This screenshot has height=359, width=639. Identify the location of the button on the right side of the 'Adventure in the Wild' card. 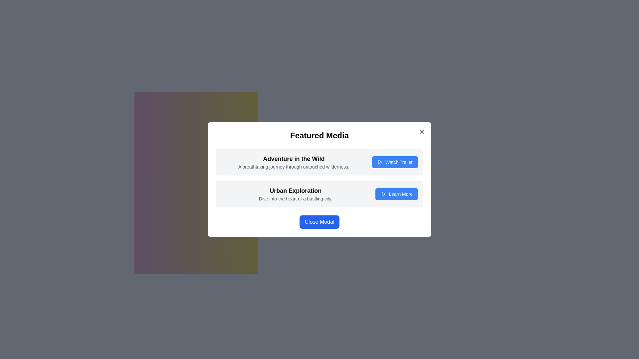
(395, 162).